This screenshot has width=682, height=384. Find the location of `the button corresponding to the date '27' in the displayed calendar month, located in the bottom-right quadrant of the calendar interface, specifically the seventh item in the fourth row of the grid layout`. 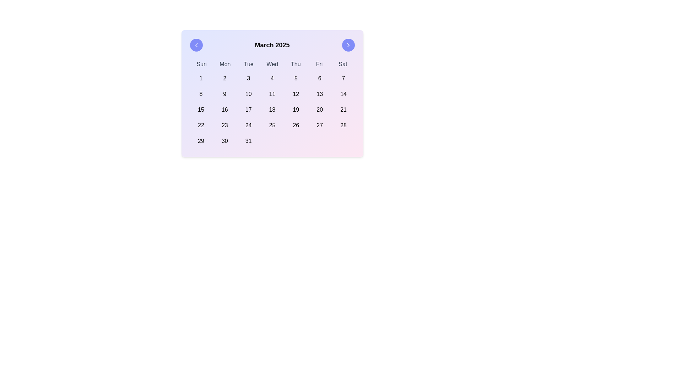

the button corresponding to the date '27' in the displayed calendar month, located in the bottom-right quadrant of the calendar interface, specifically the seventh item in the fourth row of the grid layout is located at coordinates (319, 125).